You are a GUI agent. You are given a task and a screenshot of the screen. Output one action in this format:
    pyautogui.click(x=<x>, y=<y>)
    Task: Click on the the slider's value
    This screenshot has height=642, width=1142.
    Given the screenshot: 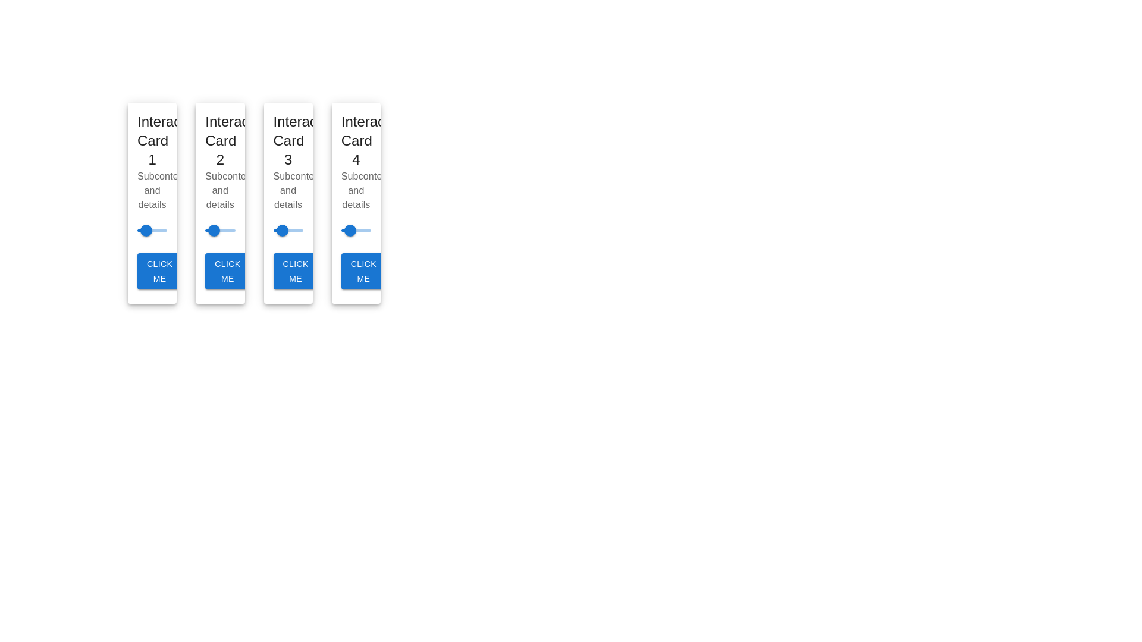 What is the action you would take?
    pyautogui.click(x=295, y=231)
    